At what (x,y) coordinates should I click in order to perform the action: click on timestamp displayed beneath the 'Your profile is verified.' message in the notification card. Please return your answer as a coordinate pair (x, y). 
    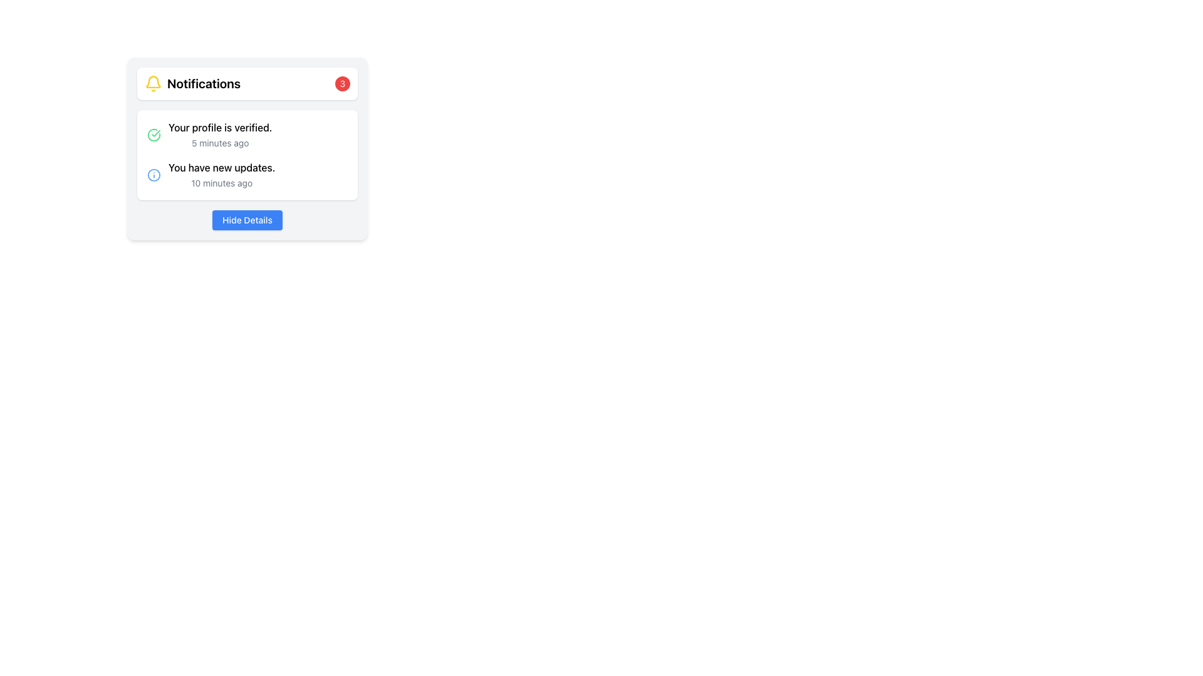
    Looking at the image, I should click on (220, 142).